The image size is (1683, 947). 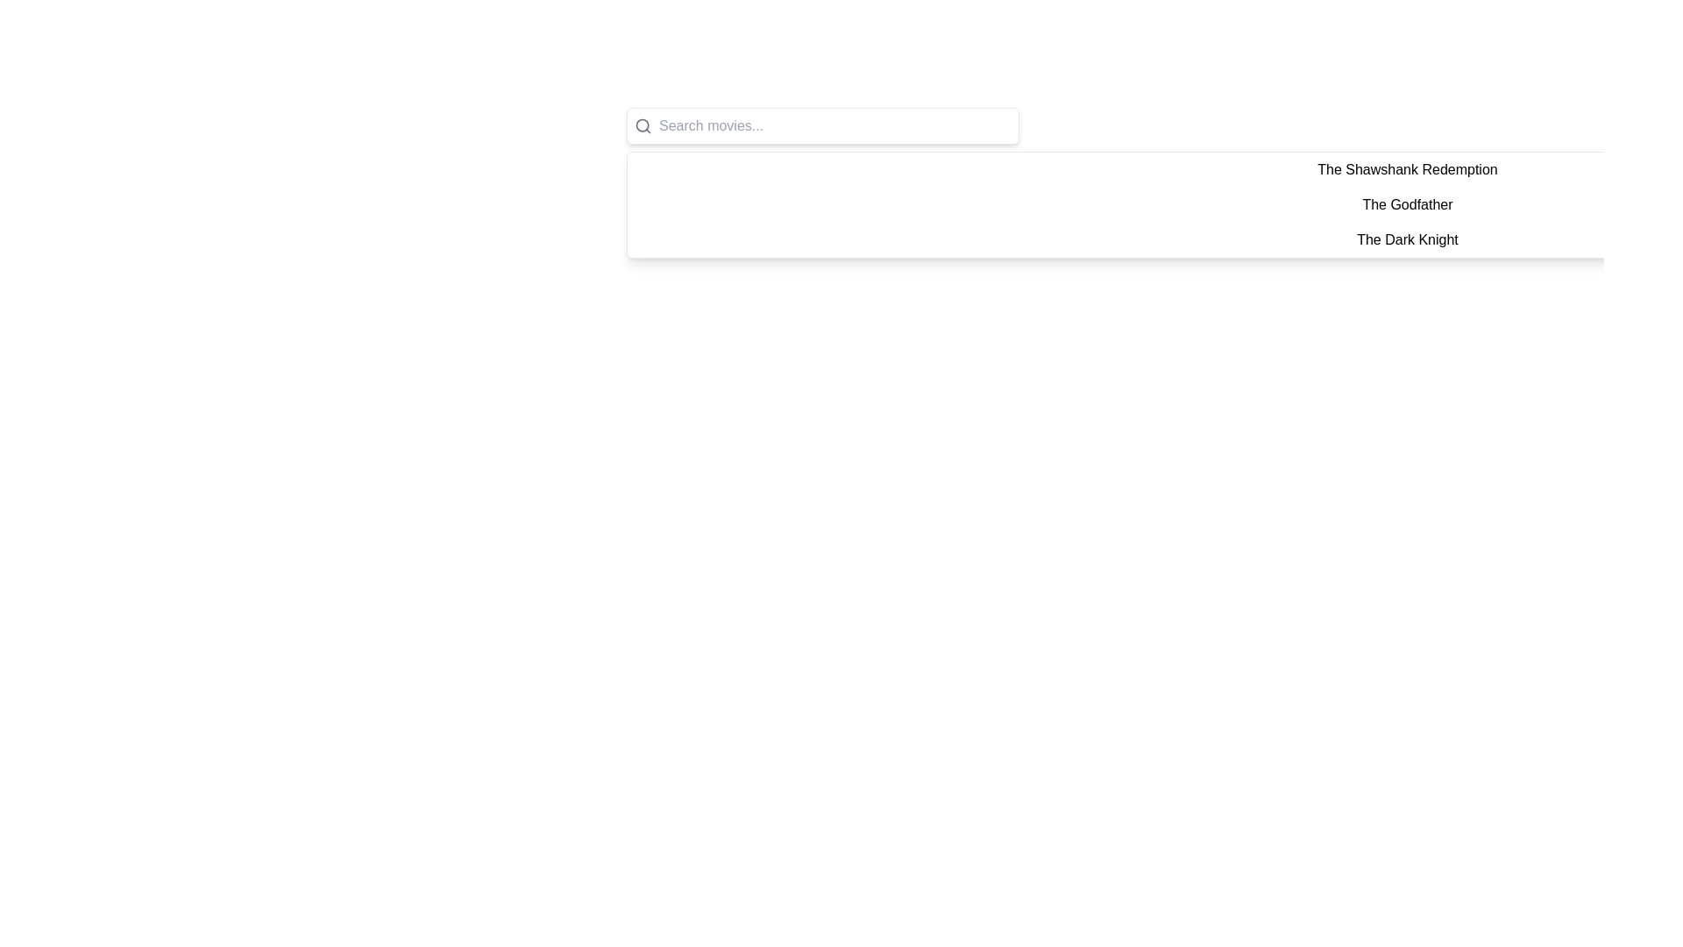 What do you see at coordinates (643, 125) in the screenshot?
I see `the gray magnifying glass icon located on the leftmost side of the search bar, which has a placeholder text stating 'Search movies...'` at bounding box center [643, 125].